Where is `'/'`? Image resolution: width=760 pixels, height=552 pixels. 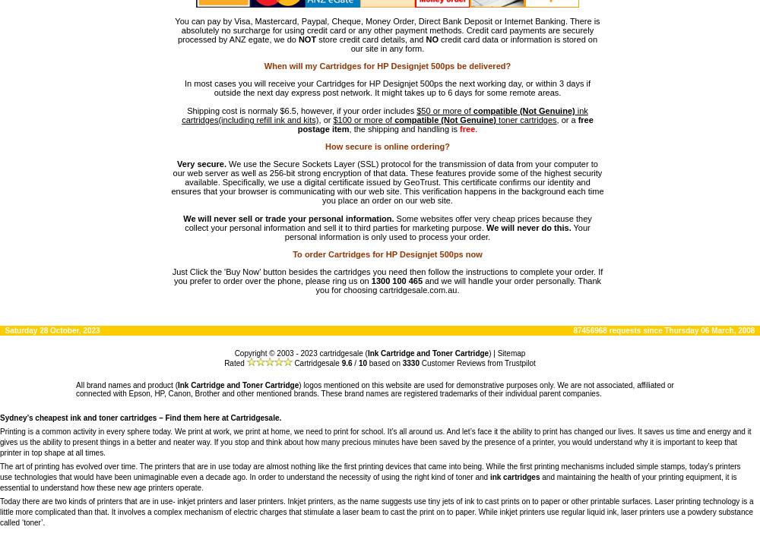 '/' is located at coordinates (354, 362).